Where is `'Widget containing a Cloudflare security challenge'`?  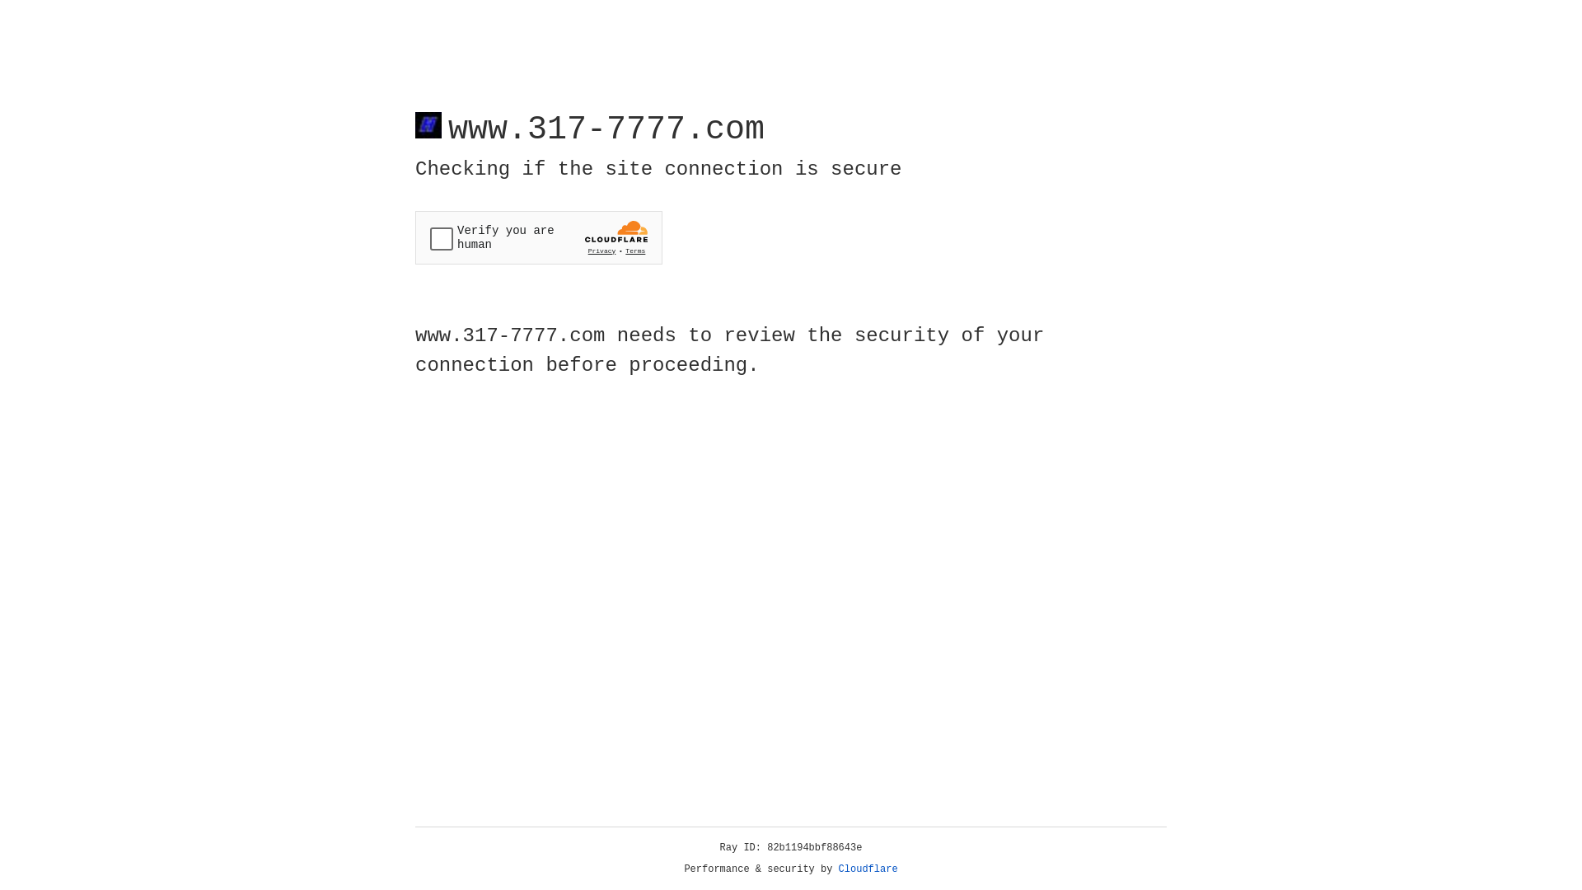 'Widget containing a Cloudflare security challenge' is located at coordinates (538, 237).